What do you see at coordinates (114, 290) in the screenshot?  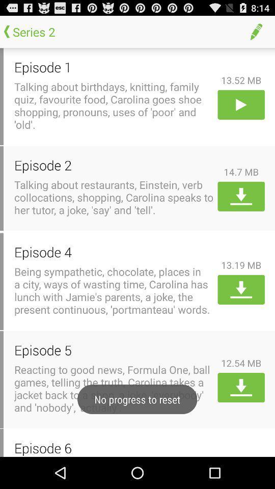 I see `the icon below the episode 4 app` at bounding box center [114, 290].